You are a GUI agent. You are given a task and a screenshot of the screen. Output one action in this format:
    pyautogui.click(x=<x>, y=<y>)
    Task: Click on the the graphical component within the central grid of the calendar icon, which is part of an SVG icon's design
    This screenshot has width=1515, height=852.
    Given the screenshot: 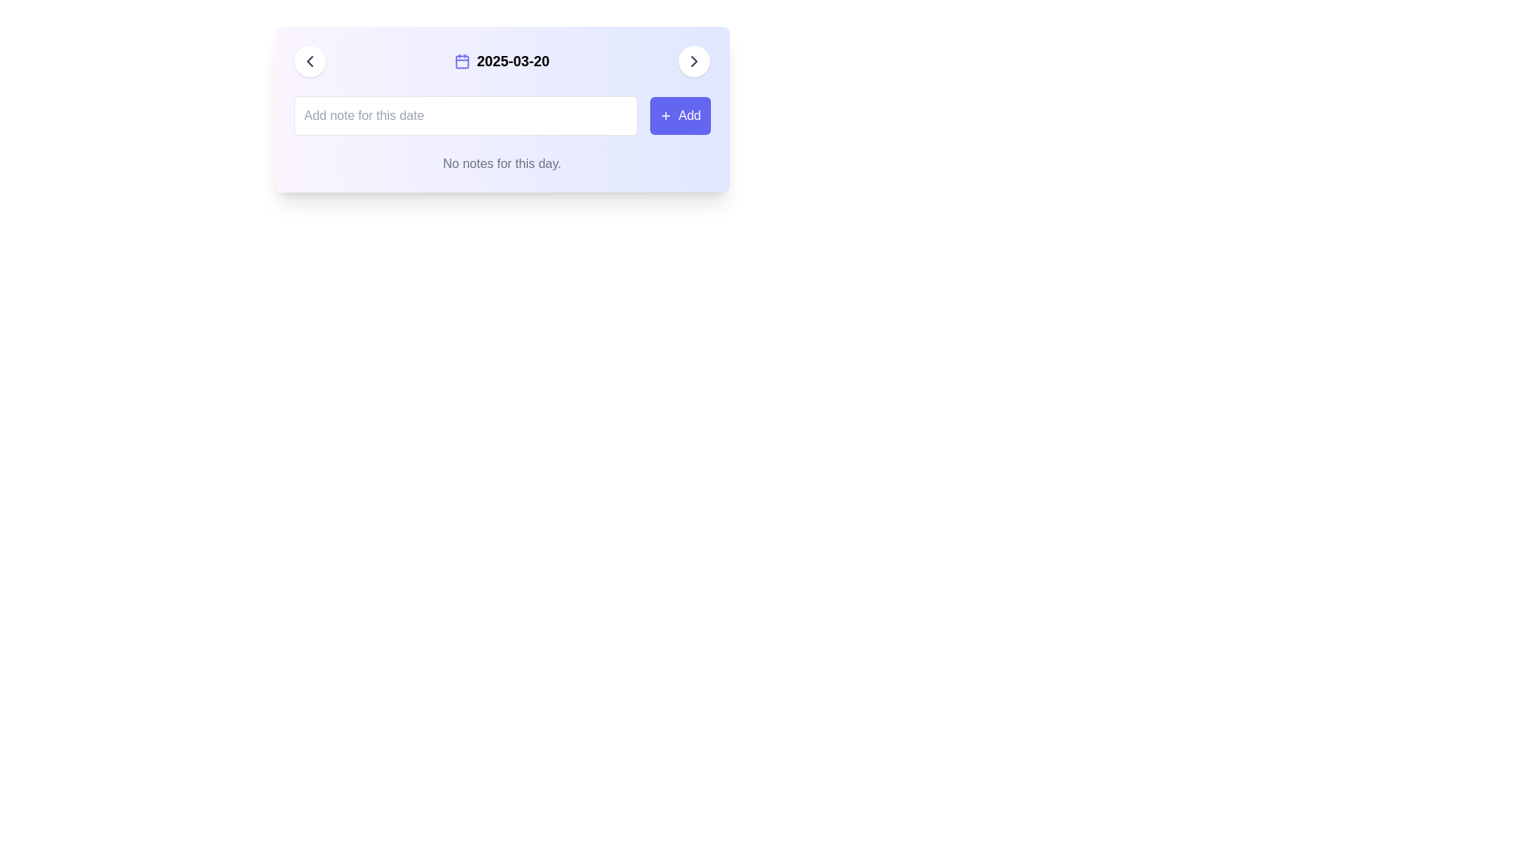 What is the action you would take?
    pyautogui.click(x=462, y=61)
    